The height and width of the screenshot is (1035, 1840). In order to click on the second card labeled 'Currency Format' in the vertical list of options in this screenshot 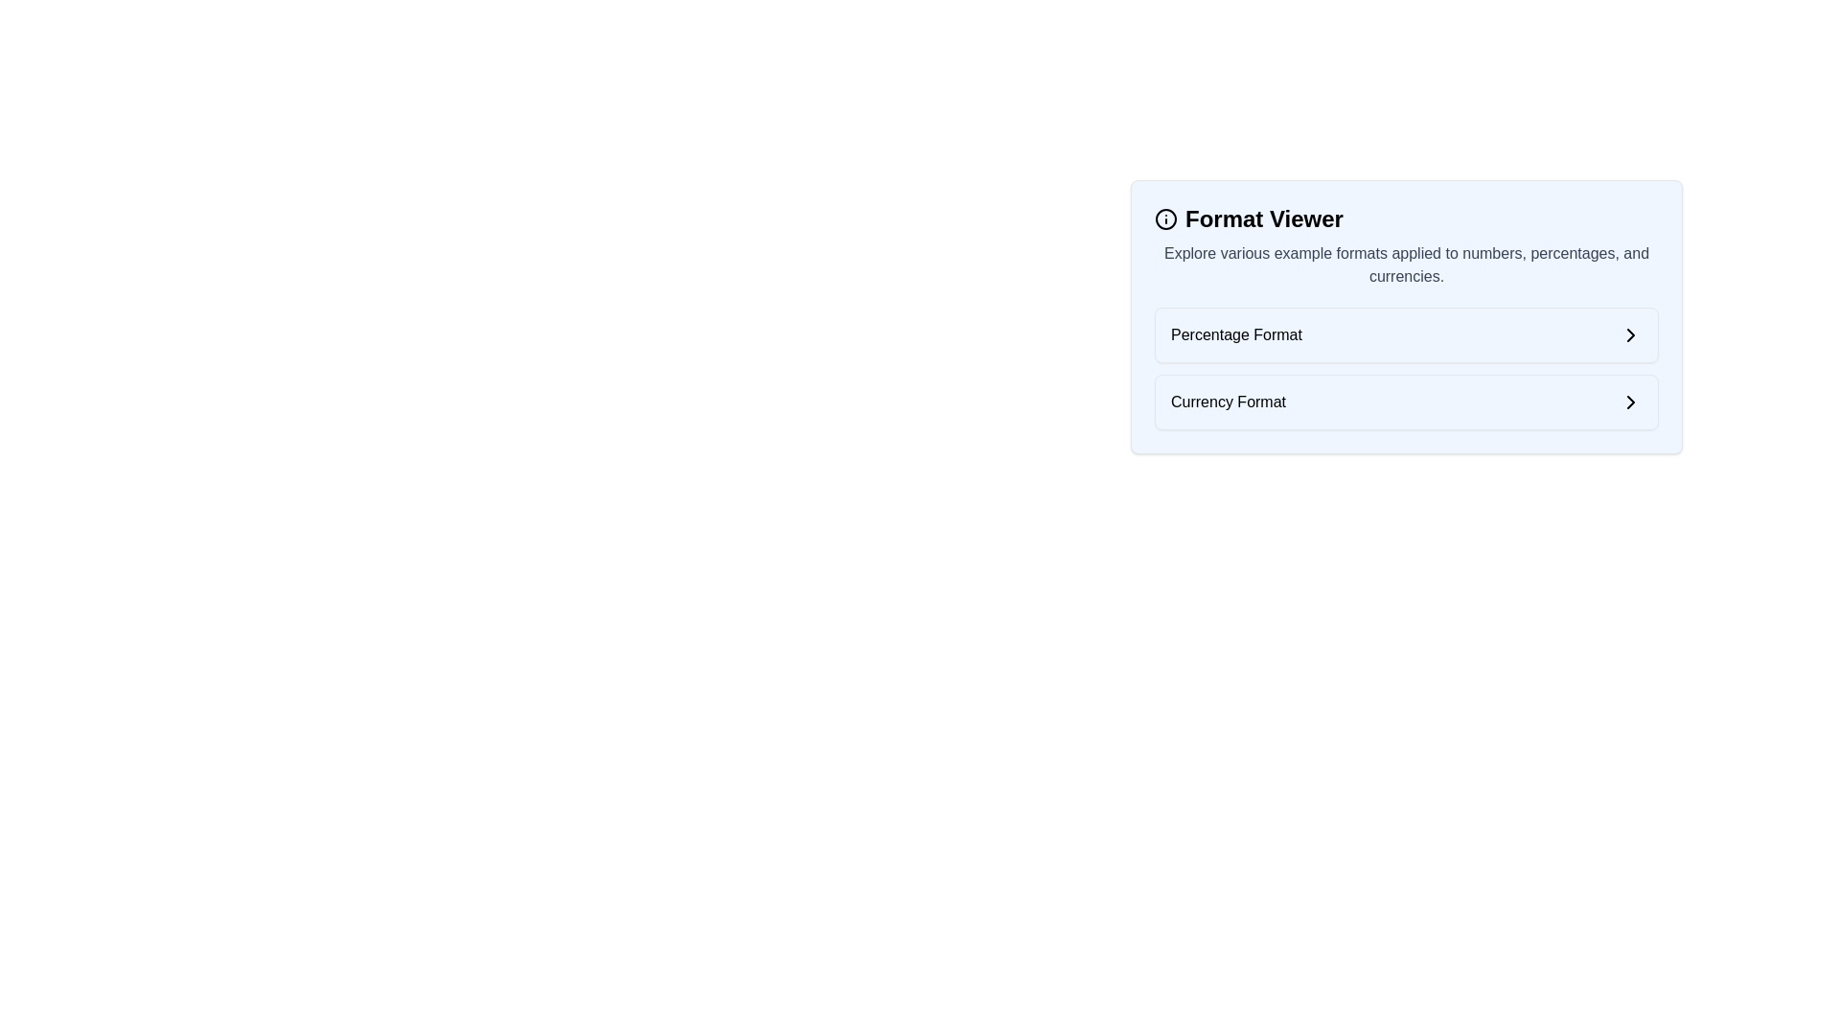, I will do `click(1407, 402)`.